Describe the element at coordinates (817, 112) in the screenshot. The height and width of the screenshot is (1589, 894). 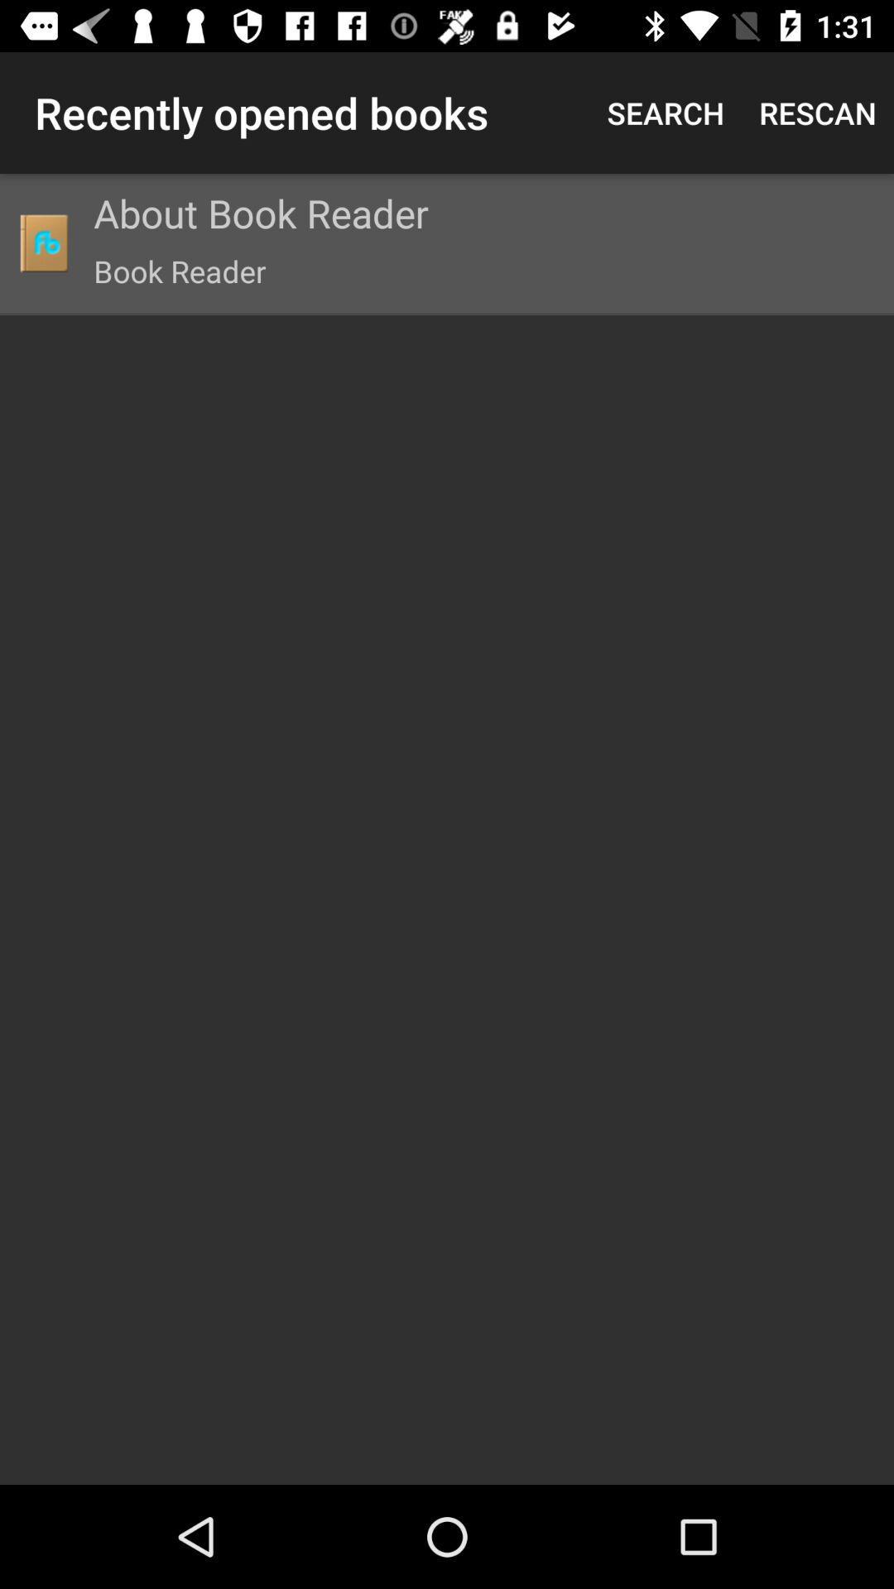
I see `the icon to the right of the search item` at that location.